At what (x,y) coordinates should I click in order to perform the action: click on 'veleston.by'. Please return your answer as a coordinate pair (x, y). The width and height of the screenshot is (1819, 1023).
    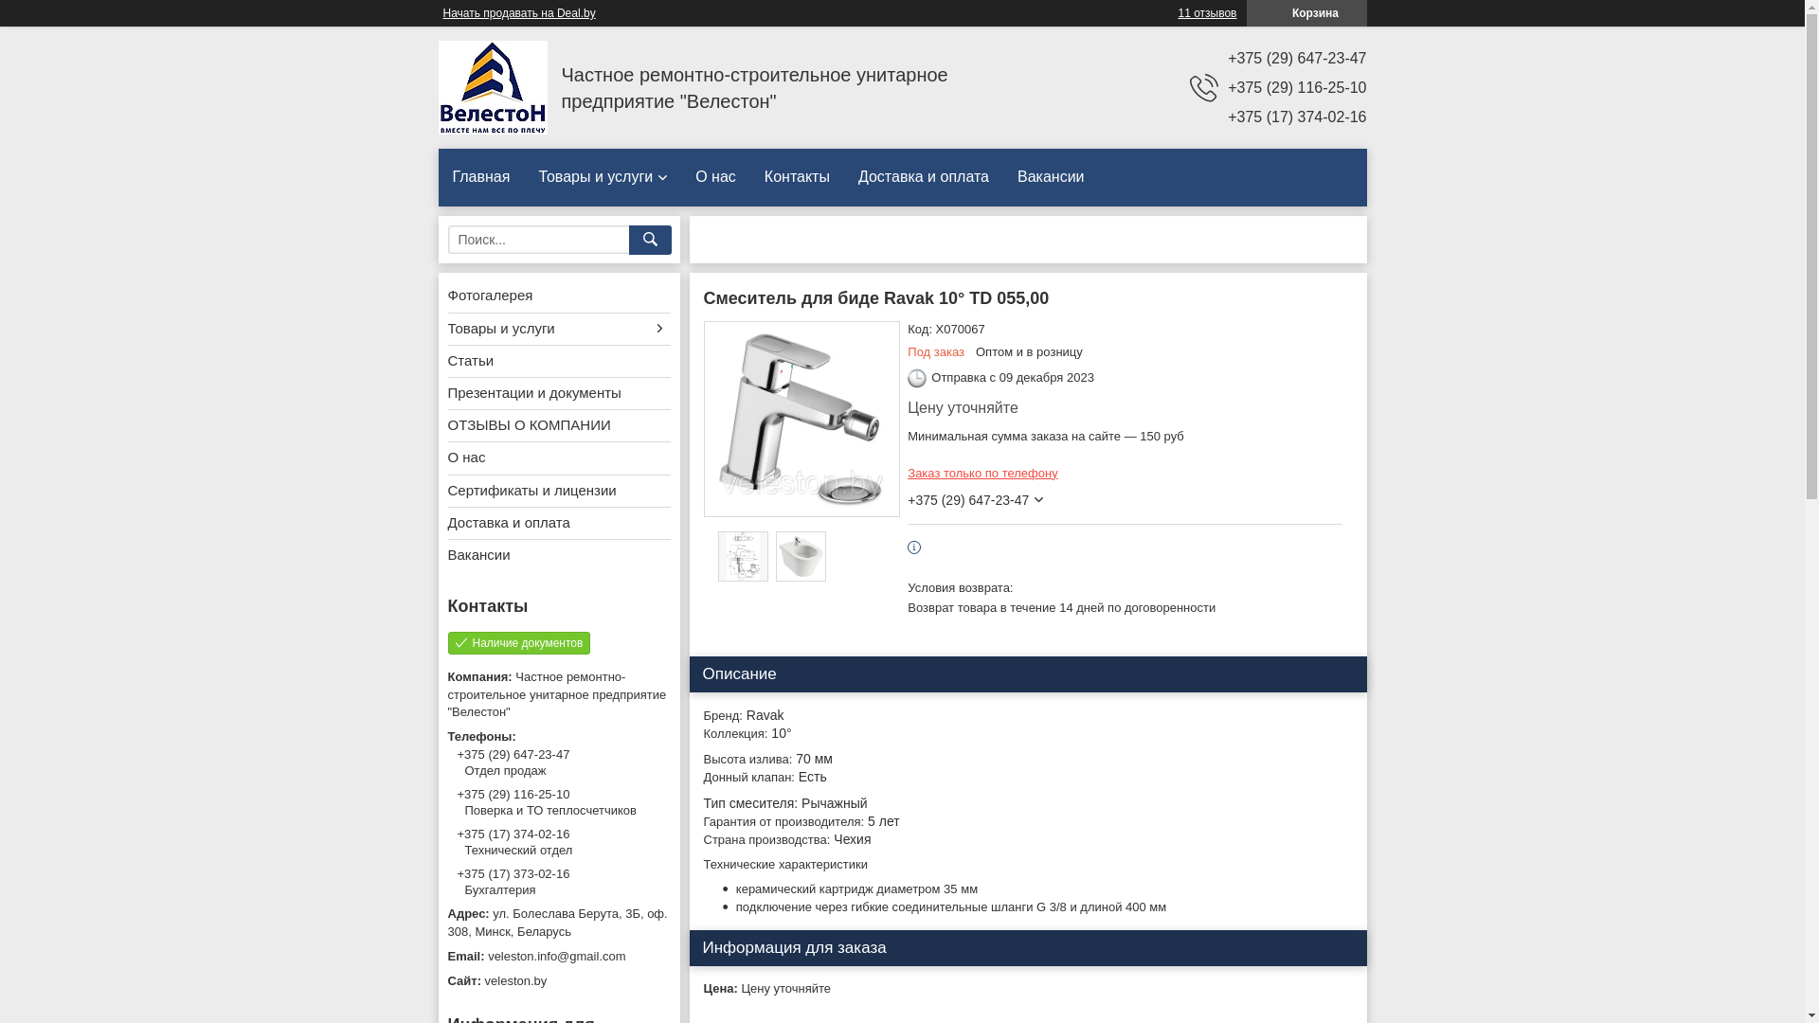
    Looking at the image, I should click on (445, 980).